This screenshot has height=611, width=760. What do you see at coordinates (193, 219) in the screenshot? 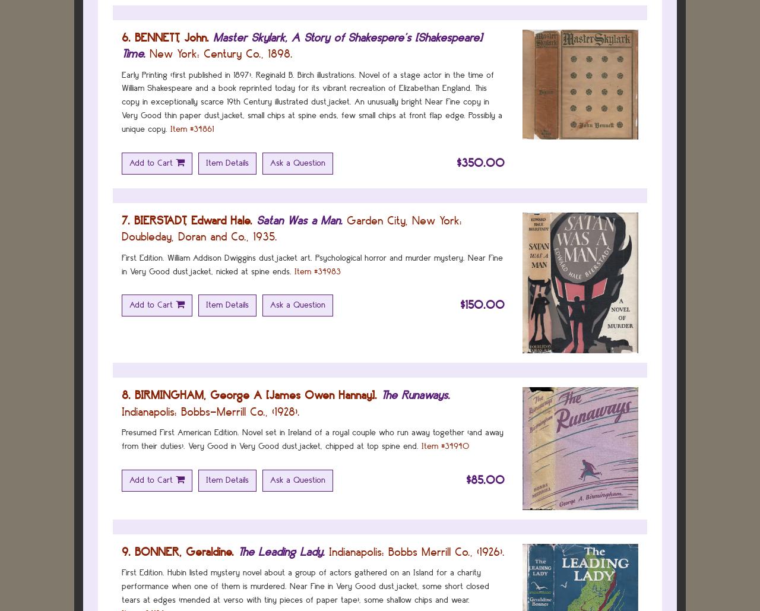
I see `'BIERSTADT, Edward Hale.'` at bounding box center [193, 219].